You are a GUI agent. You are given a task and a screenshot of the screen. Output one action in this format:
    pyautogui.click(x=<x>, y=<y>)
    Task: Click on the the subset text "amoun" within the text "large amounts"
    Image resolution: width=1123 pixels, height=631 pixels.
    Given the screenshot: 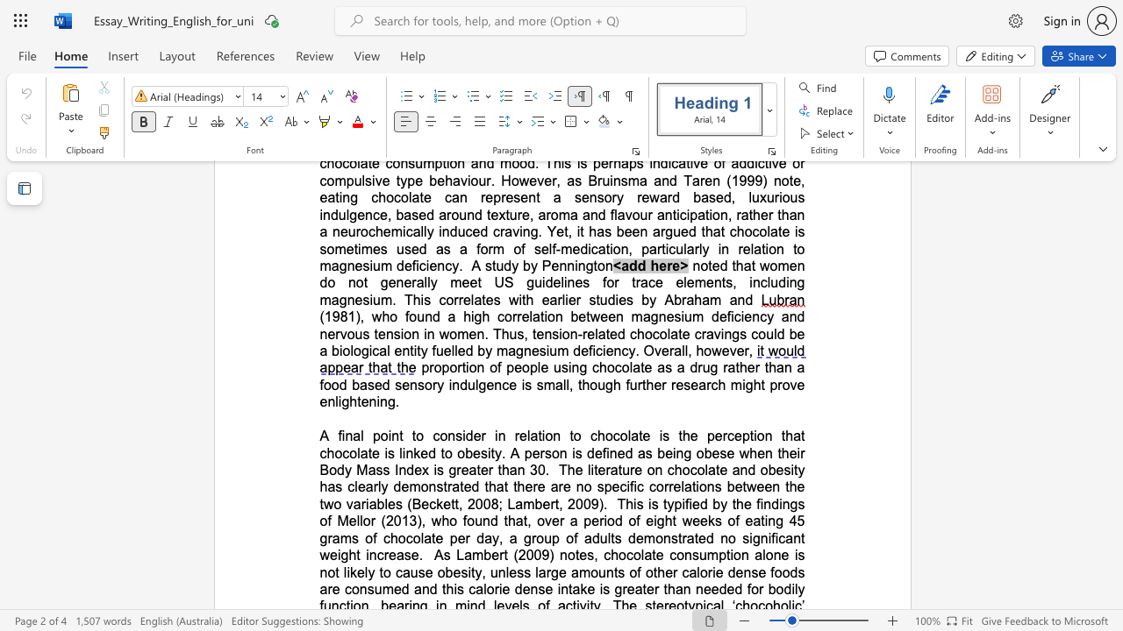 What is the action you would take?
    pyautogui.click(x=571, y=572)
    